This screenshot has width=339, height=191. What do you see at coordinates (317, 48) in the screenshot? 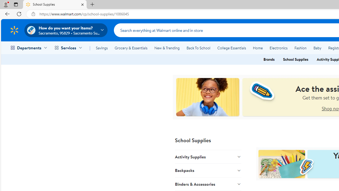
I see `'Baby'` at bounding box center [317, 48].